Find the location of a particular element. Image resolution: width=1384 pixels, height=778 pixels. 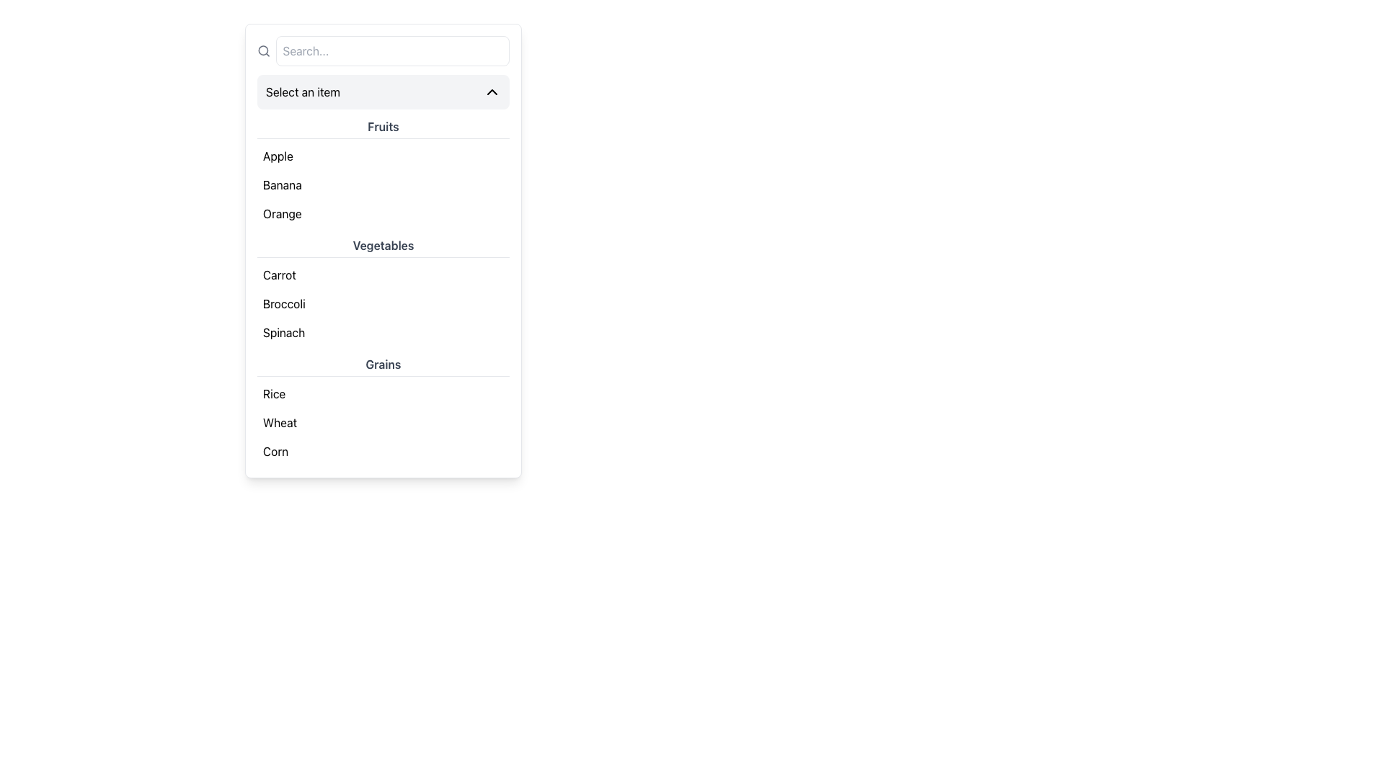

the Text label that indicates the action to be performed in the dropdown menu, located near the top-left corner of the dropdown component is located at coordinates (302, 91).